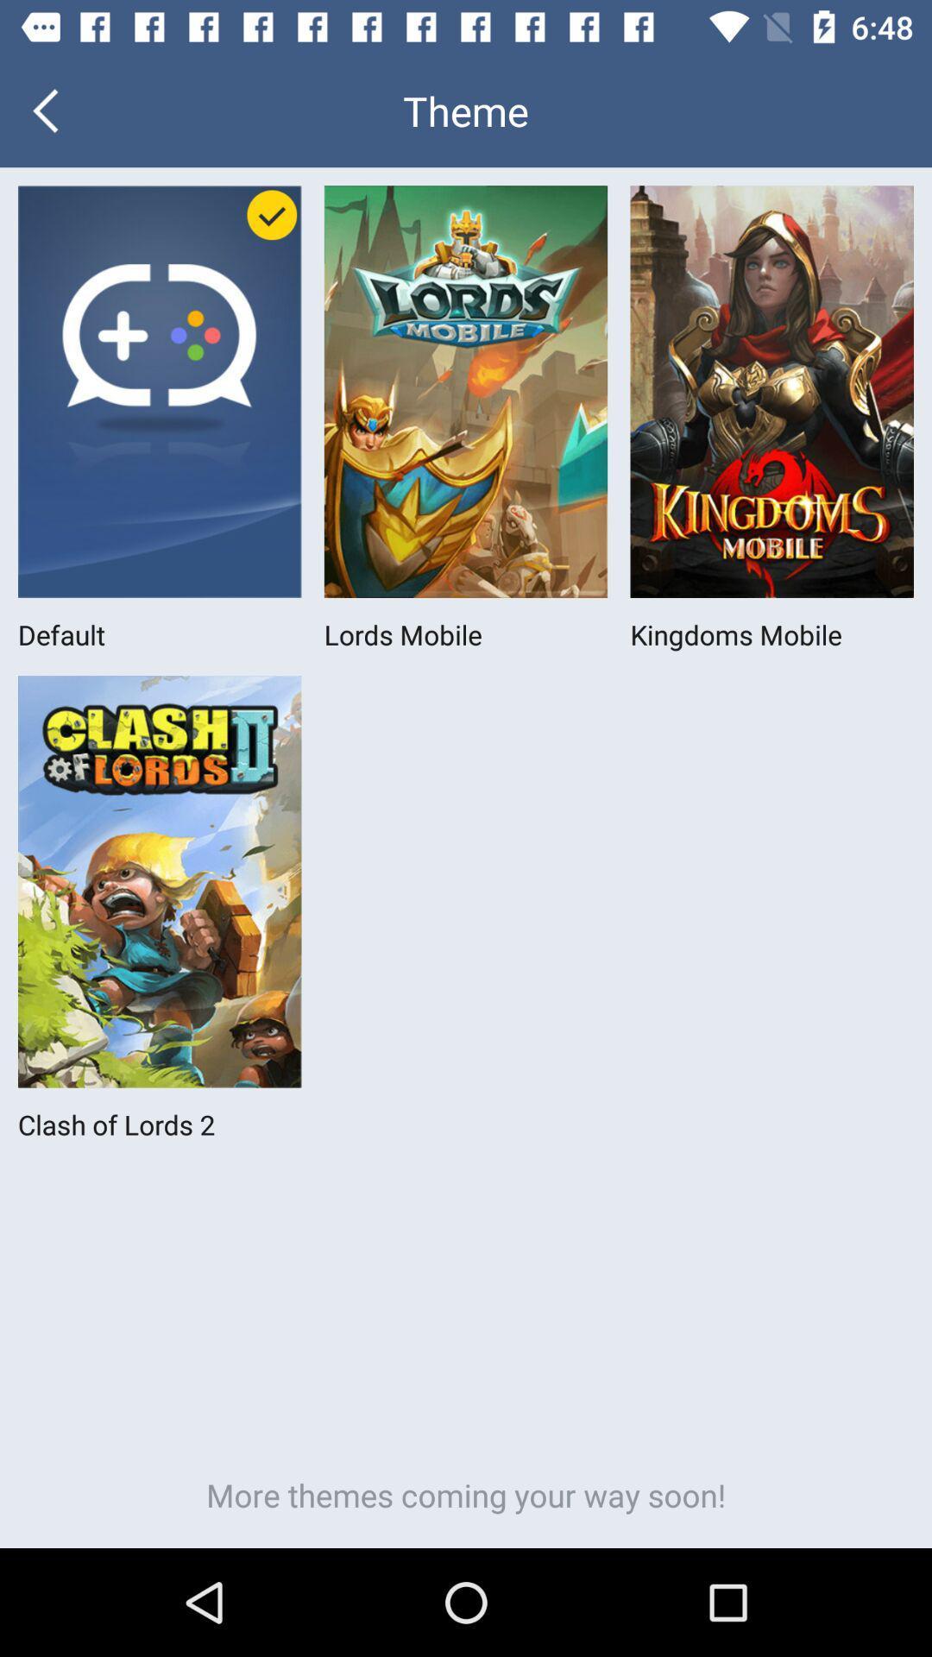 The width and height of the screenshot is (932, 1657). Describe the element at coordinates (771, 391) in the screenshot. I see `the kingdoms mobile picture` at that location.